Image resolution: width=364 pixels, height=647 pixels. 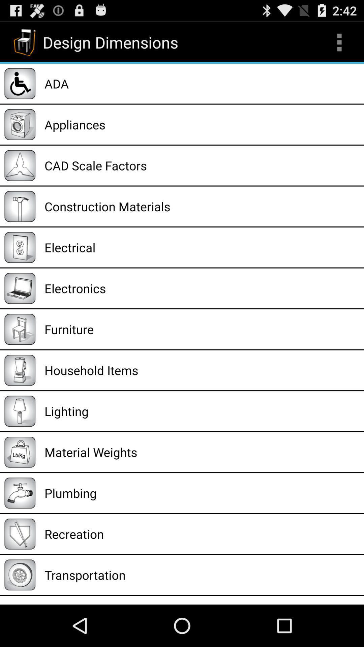 What do you see at coordinates (202, 247) in the screenshot?
I see `electrical app` at bounding box center [202, 247].